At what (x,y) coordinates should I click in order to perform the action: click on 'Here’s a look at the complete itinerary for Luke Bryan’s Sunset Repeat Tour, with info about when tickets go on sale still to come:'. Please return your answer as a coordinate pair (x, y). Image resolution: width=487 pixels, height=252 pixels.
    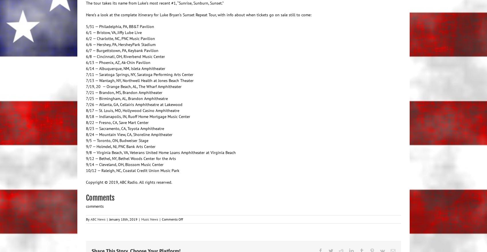
    Looking at the image, I should click on (199, 15).